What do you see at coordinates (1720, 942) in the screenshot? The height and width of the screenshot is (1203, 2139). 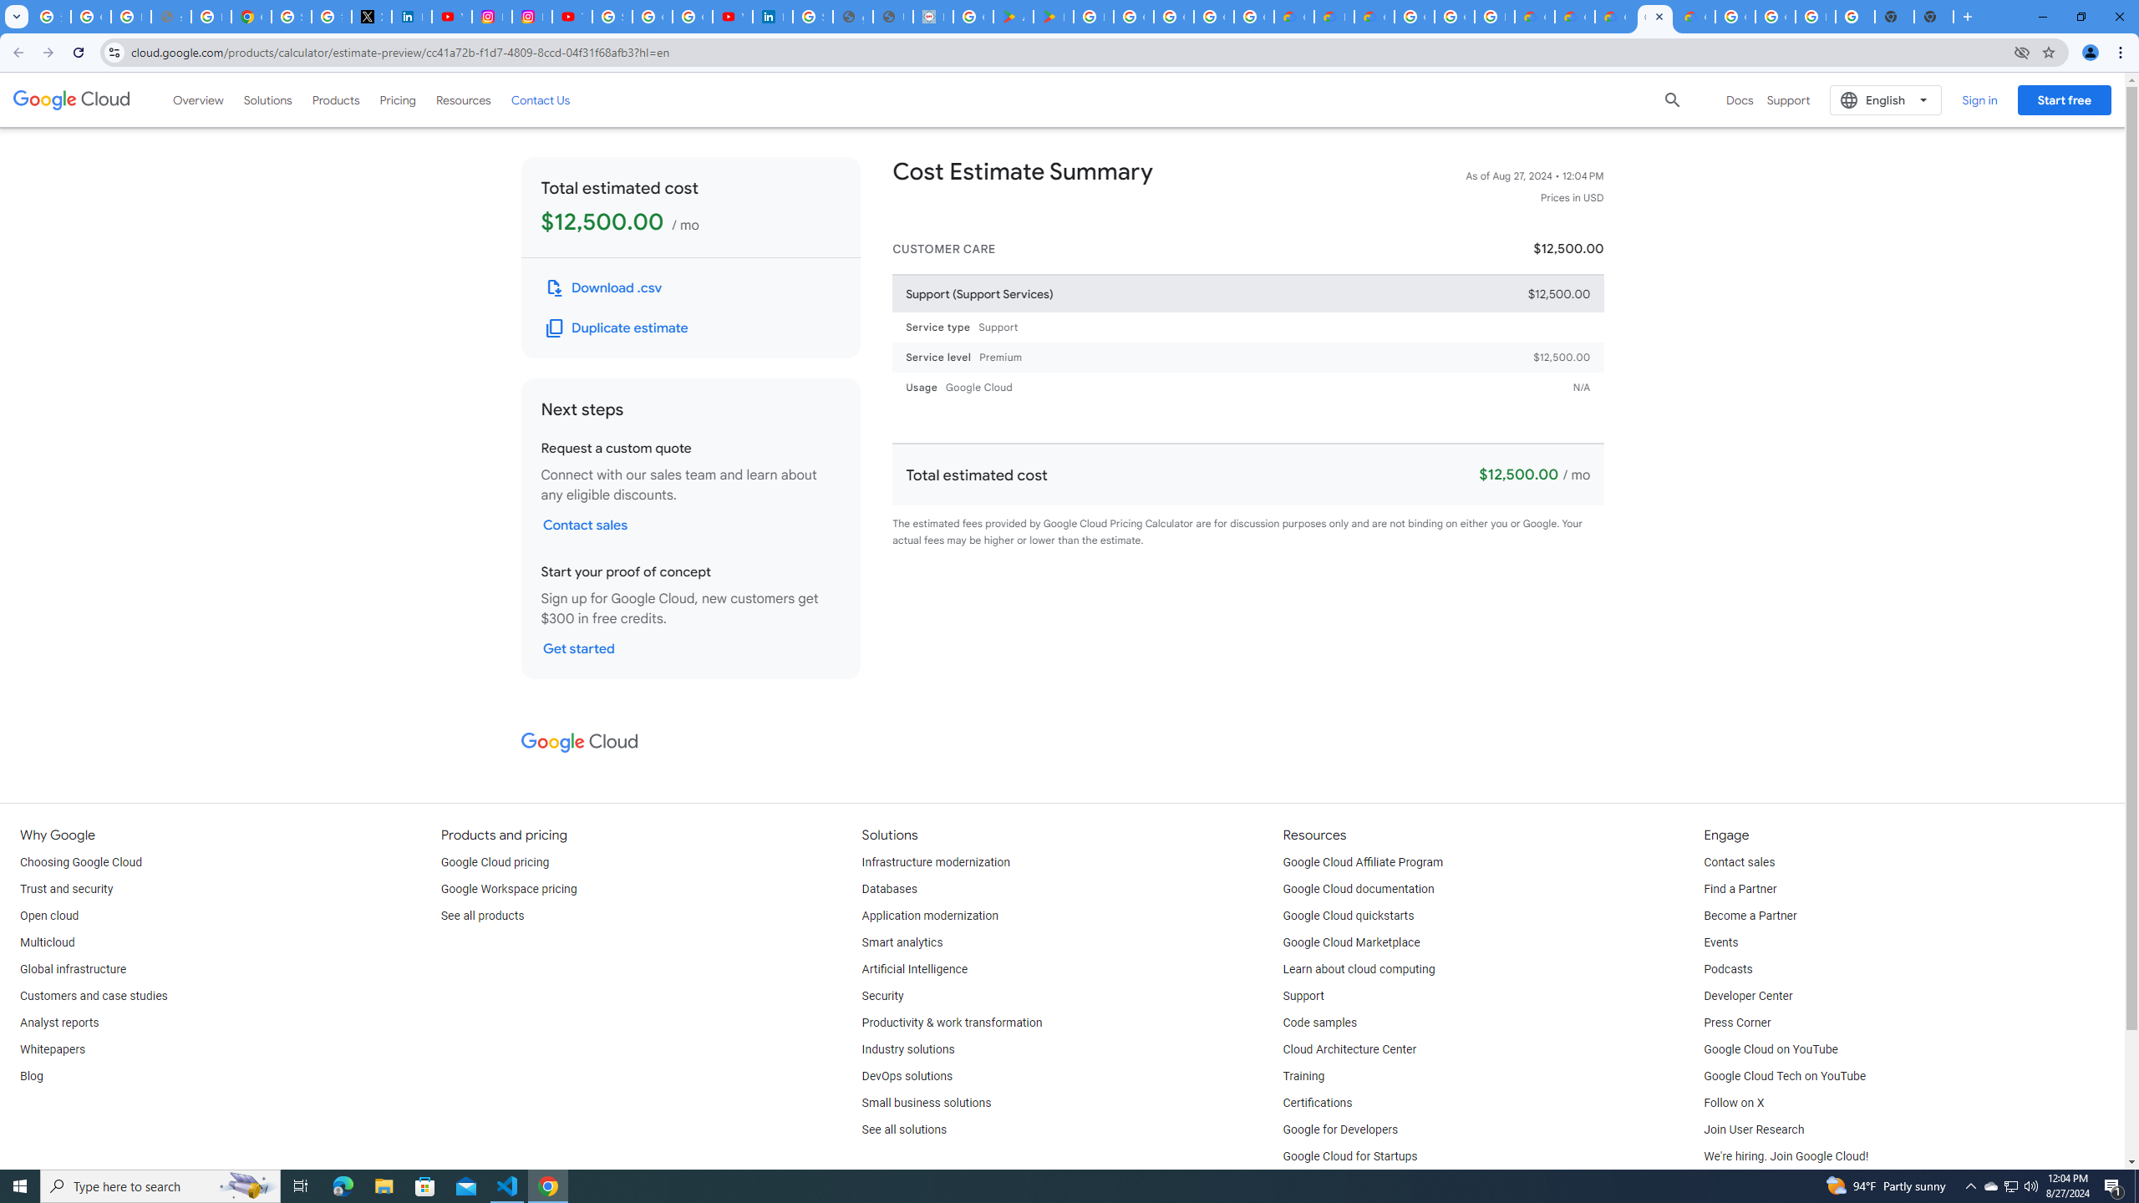 I see `'Events'` at bounding box center [1720, 942].